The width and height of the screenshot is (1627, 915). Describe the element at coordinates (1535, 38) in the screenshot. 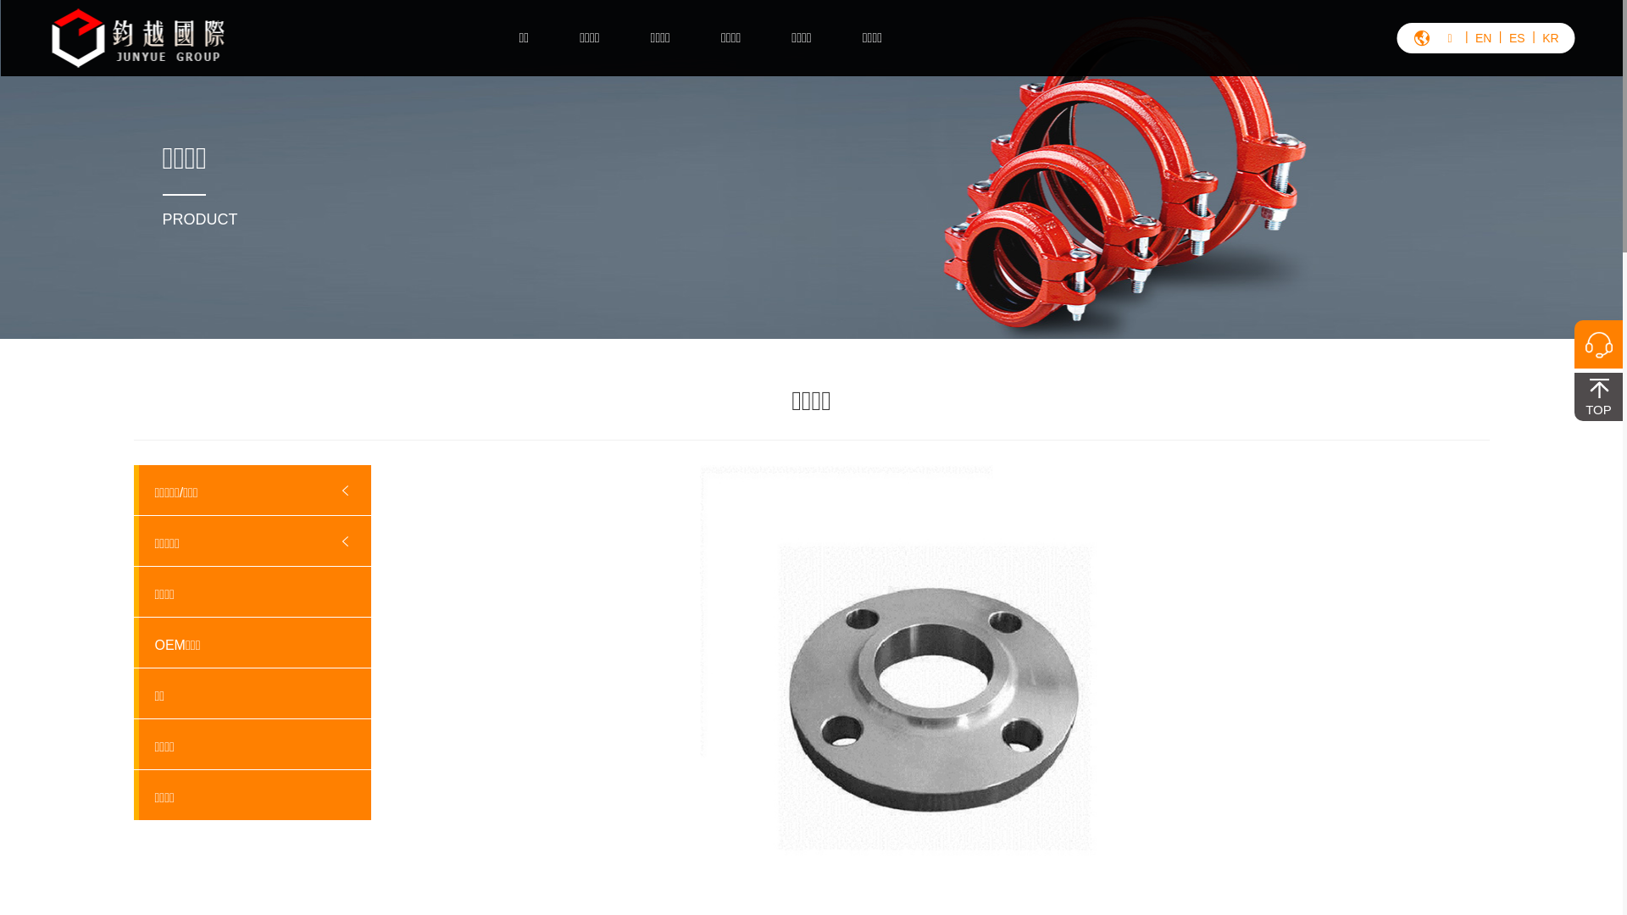

I see `'KR'` at that location.